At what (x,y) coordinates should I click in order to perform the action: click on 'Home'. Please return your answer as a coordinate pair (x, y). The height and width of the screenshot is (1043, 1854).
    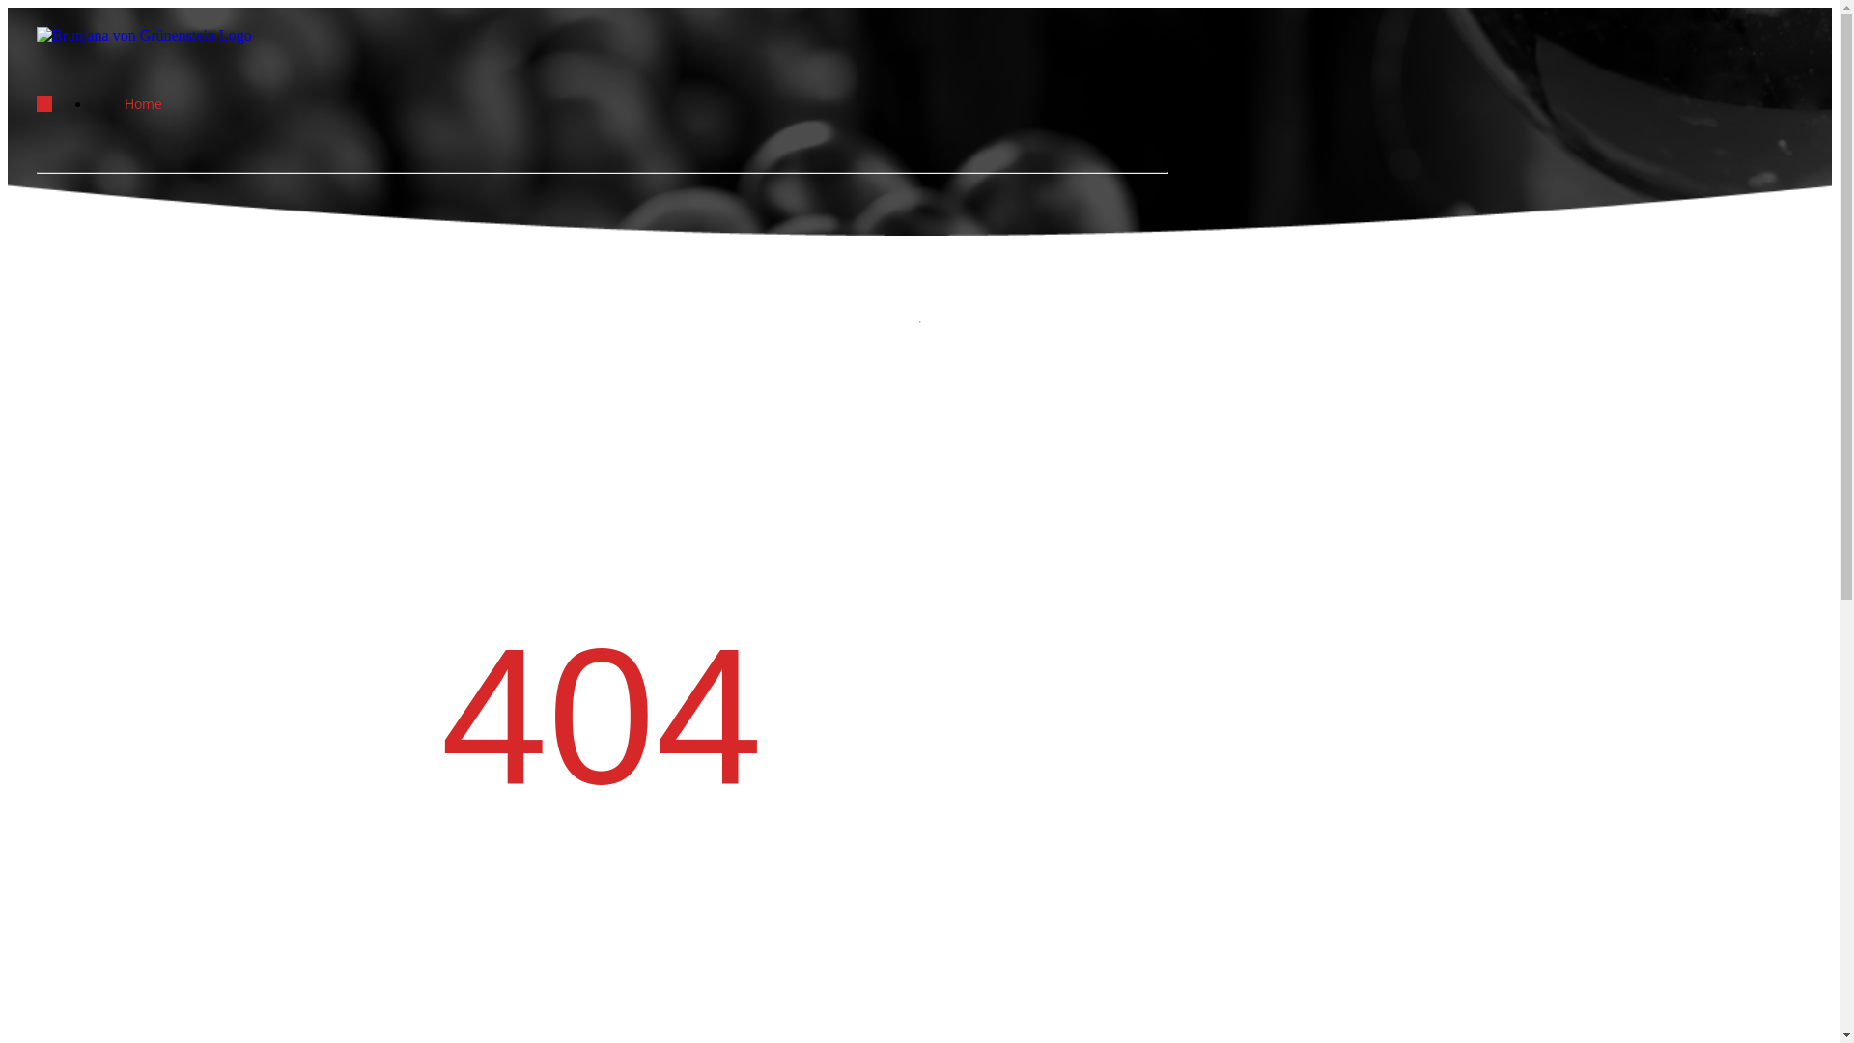
    Looking at the image, I should click on (143, 104).